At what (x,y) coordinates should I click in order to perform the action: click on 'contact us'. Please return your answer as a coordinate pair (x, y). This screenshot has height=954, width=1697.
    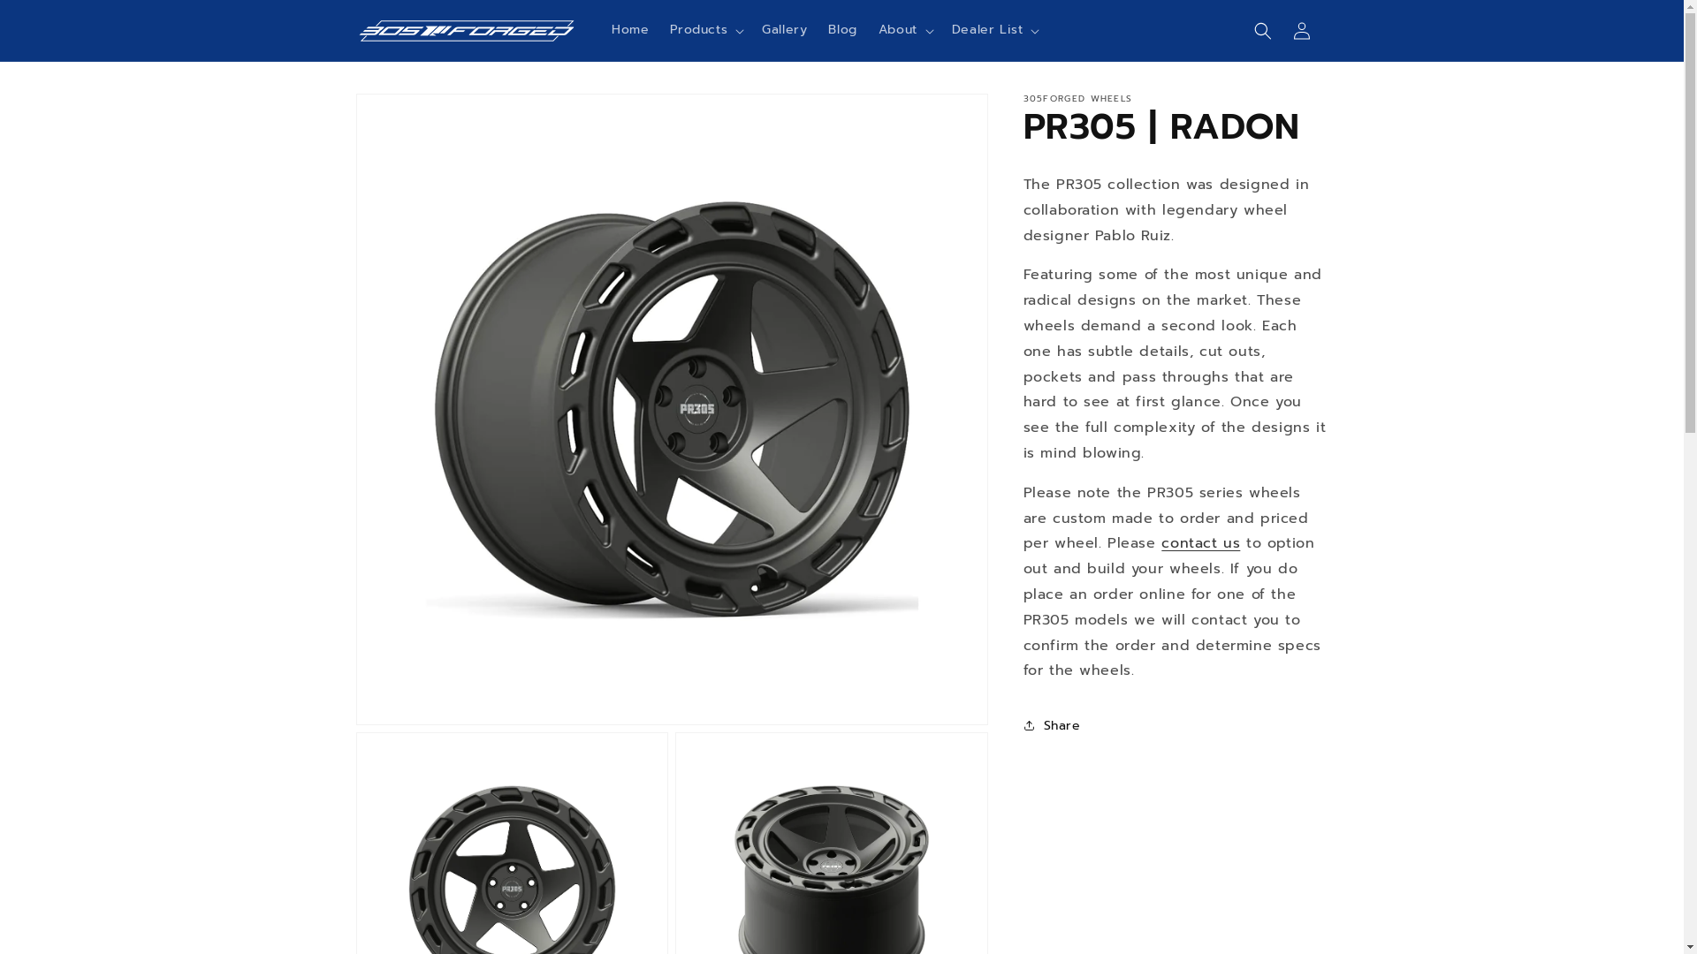
    Looking at the image, I should click on (1200, 541).